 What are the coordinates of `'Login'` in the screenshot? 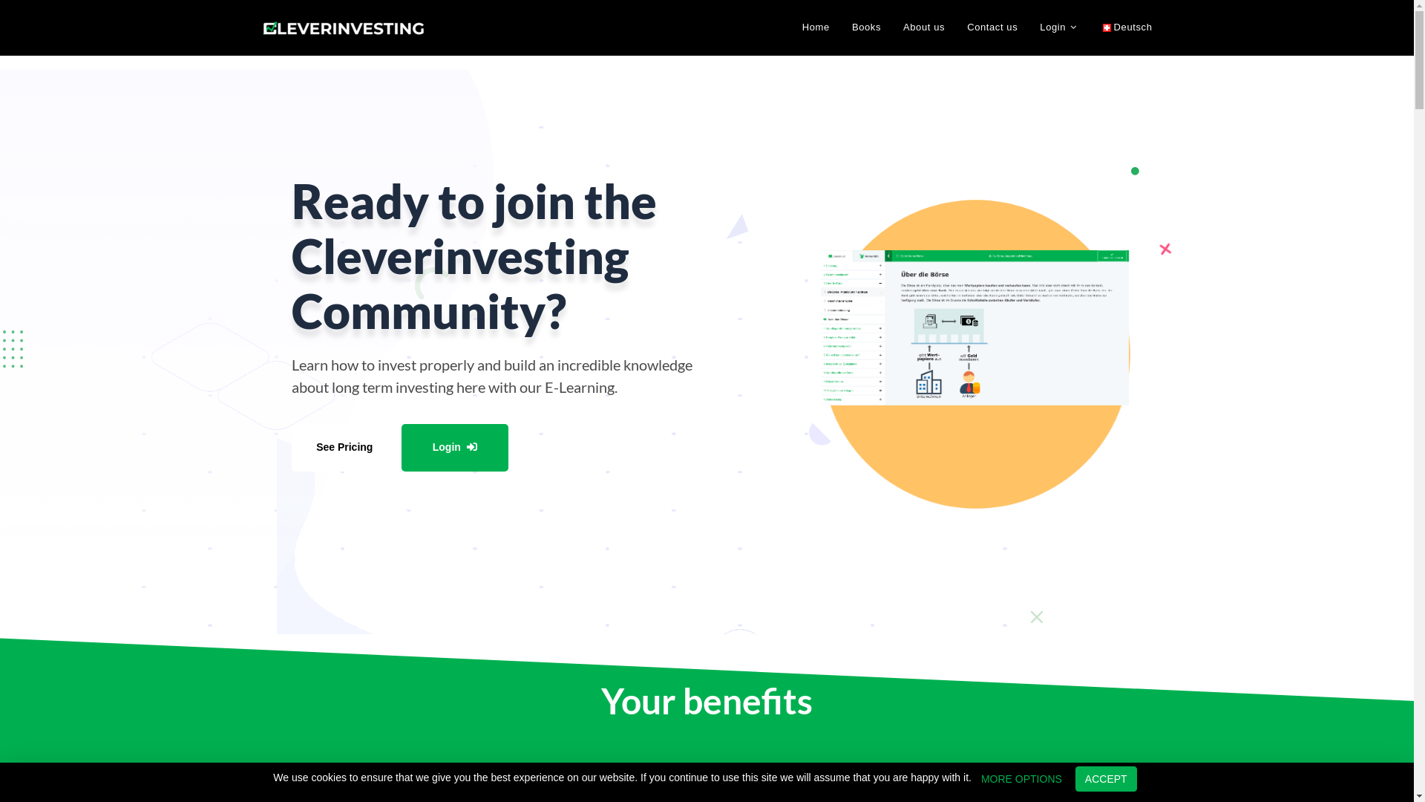 It's located at (1059, 27).